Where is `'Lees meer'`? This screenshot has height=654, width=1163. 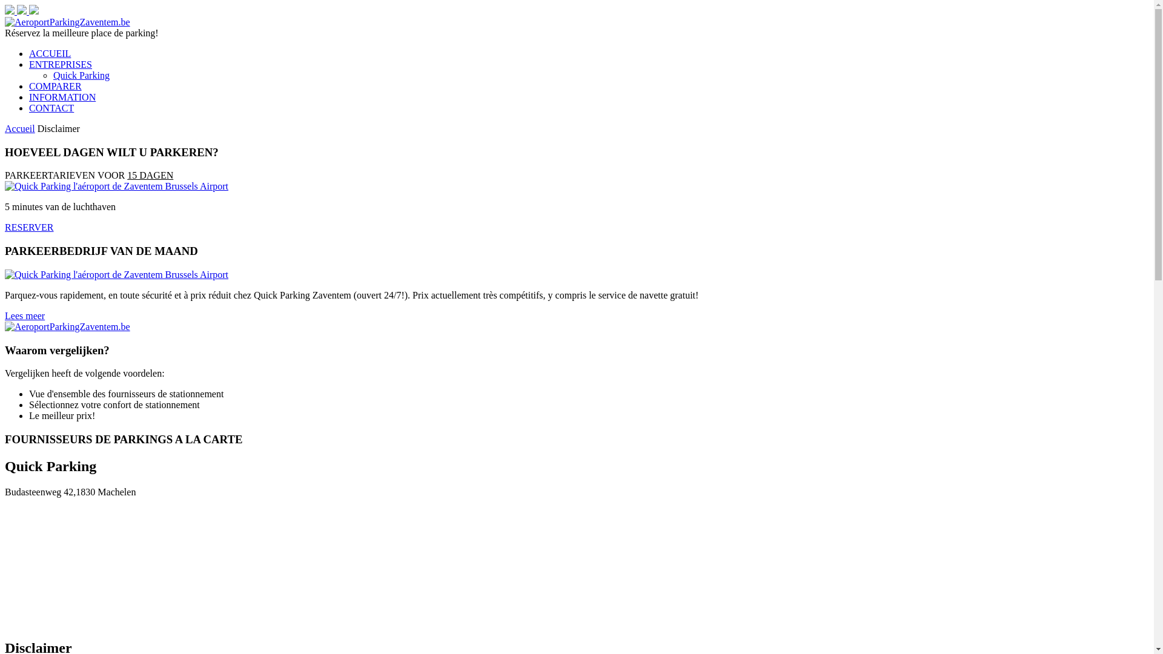 'Lees meer' is located at coordinates (25, 315).